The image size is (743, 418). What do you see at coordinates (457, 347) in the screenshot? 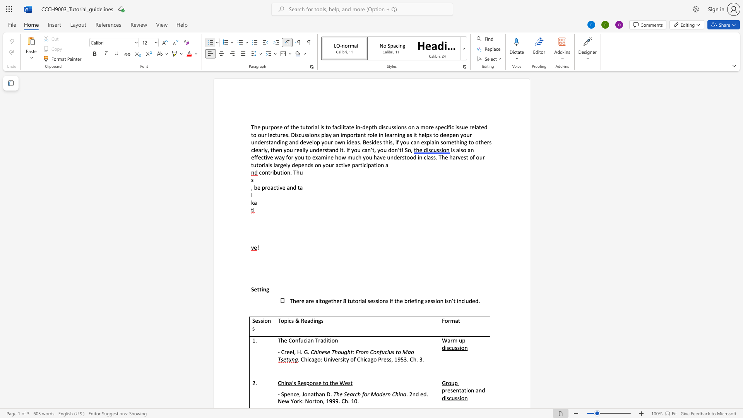
I see `the space between the continuous character "s" and "s" in the text` at bounding box center [457, 347].